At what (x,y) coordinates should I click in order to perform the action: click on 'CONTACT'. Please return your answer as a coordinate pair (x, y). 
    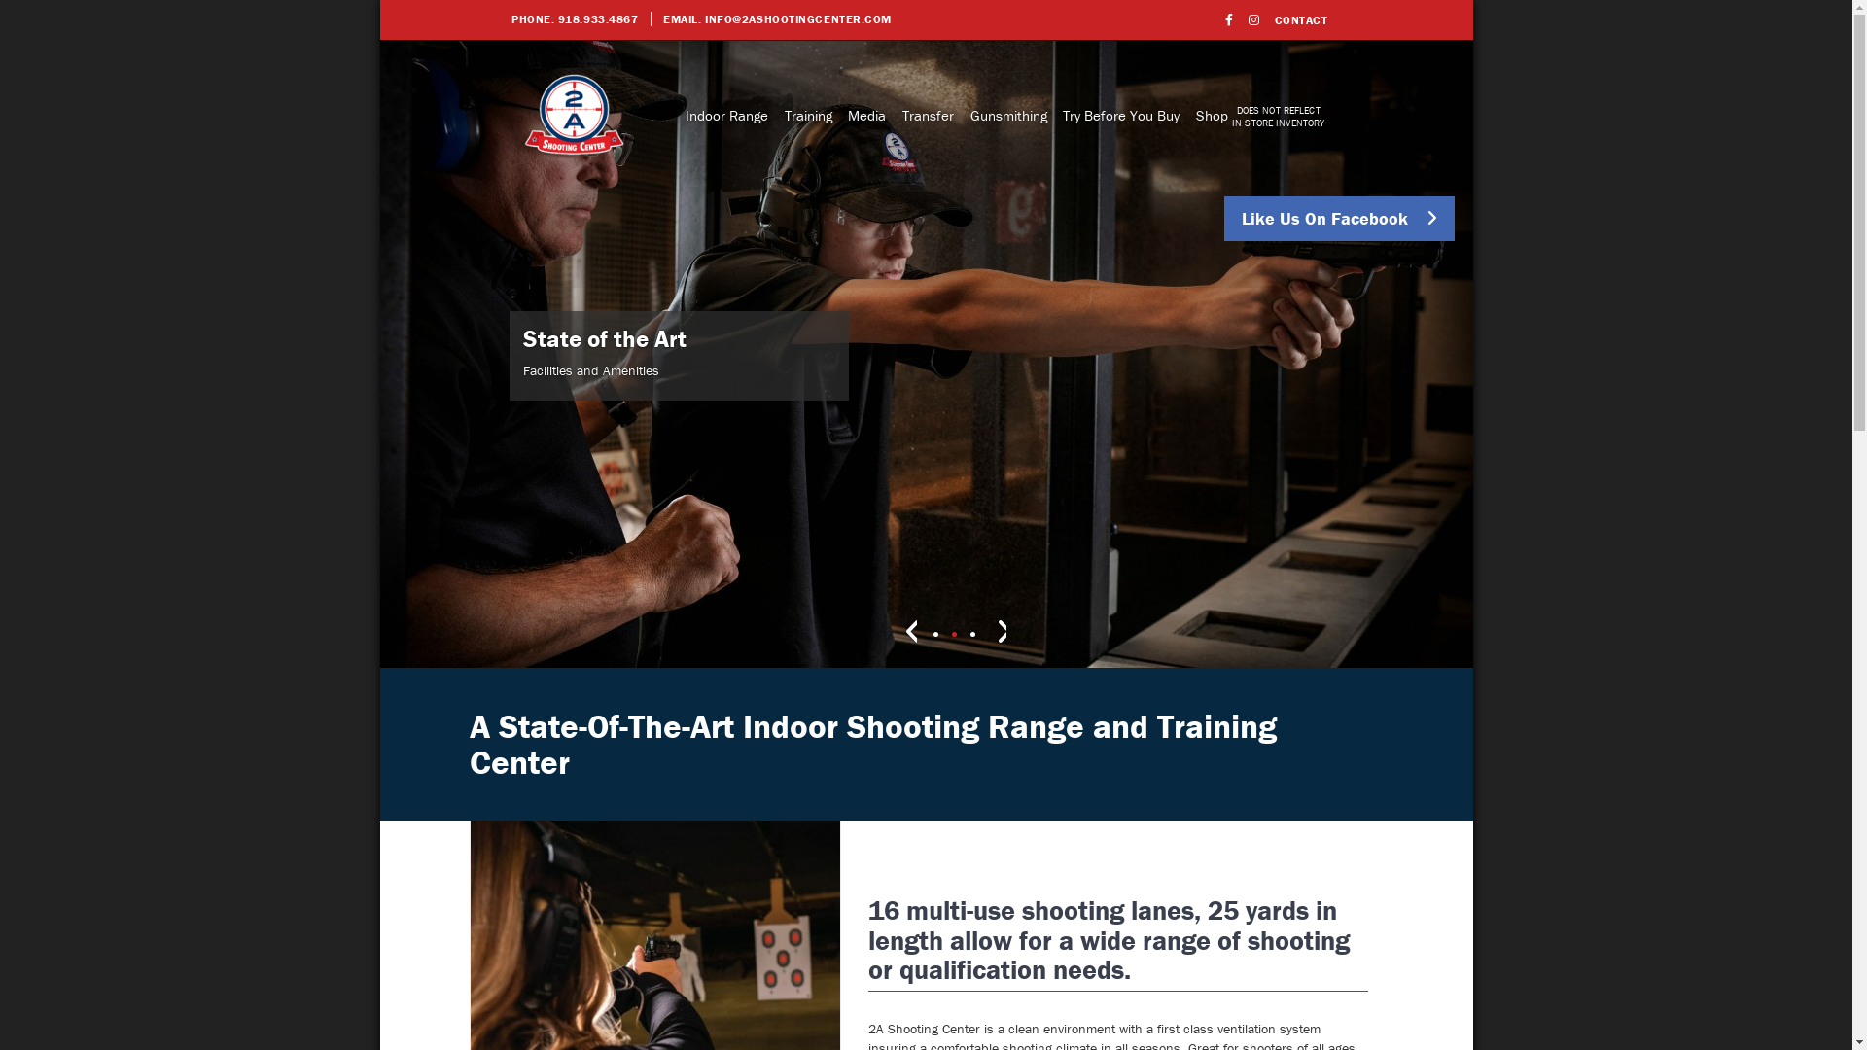
    Looking at the image, I should click on (1300, 19).